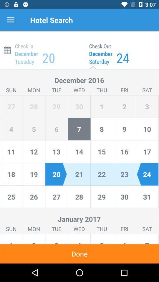 The height and width of the screenshot is (282, 159). Describe the element at coordinates (101, 151) in the screenshot. I see `the number 15` at that location.